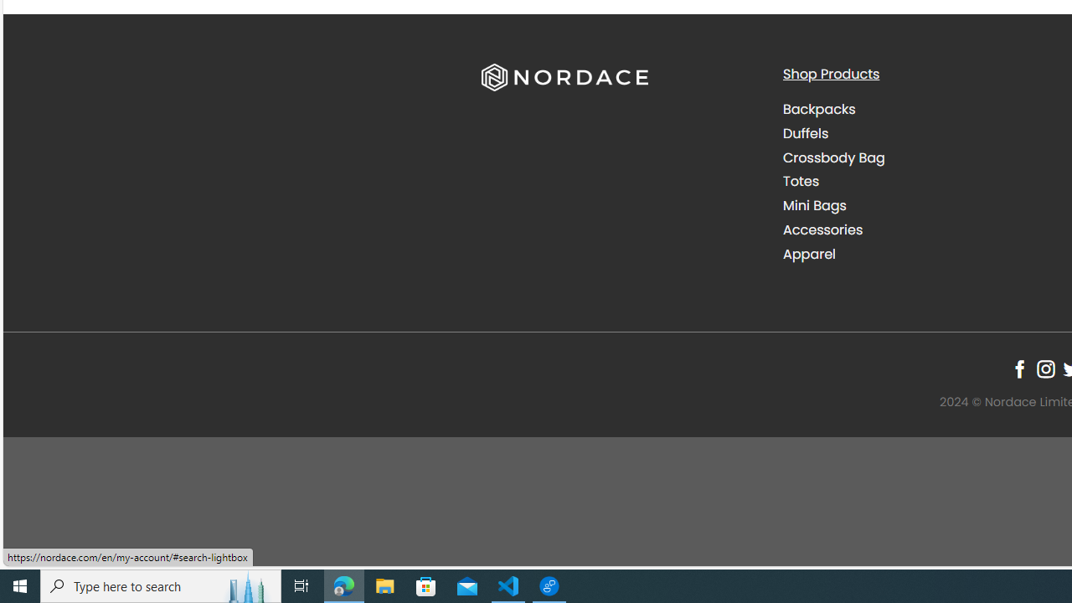 Image resolution: width=1072 pixels, height=603 pixels. What do you see at coordinates (1018, 368) in the screenshot?
I see `'Follow on Facebook'` at bounding box center [1018, 368].